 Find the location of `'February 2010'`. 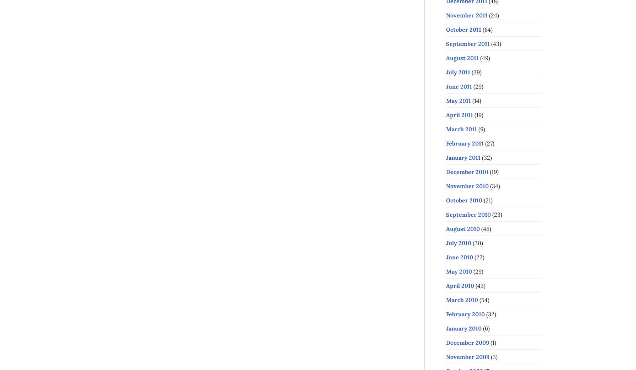

'February 2010' is located at coordinates (465, 313).